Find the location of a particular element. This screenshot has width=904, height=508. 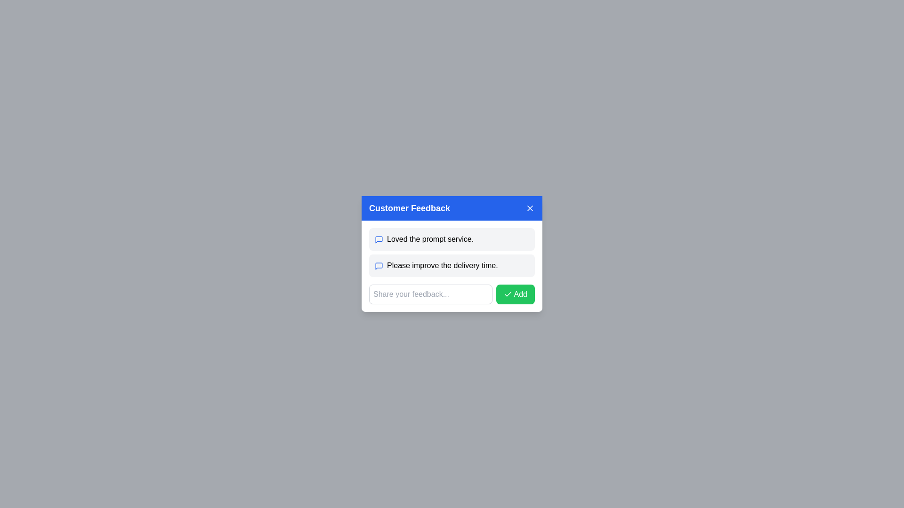

first textual feedback entry displayed in the interface, which is located to the right of a small blue speech bubble icon is located at coordinates (430, 239).